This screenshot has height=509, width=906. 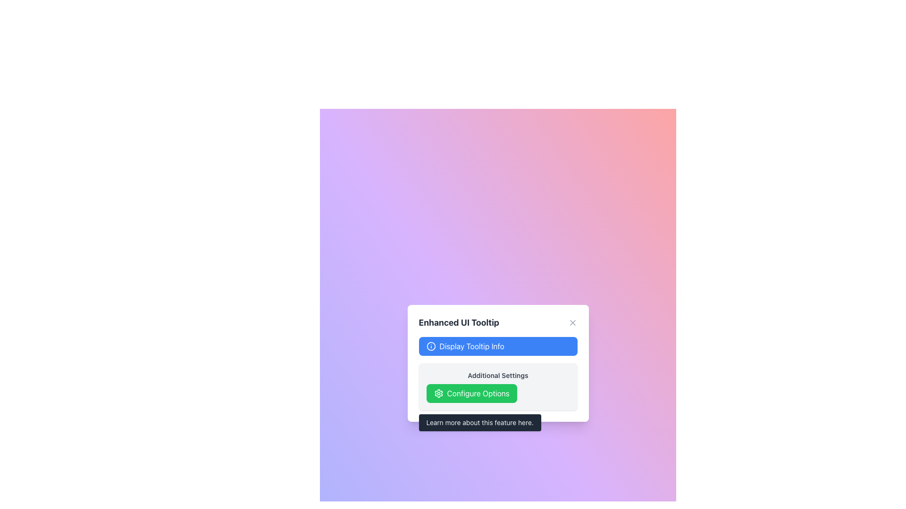 I want to click on the close button located in the top-right corner beside the heading text 'Enhanced UI Tooltip', so click(x=572, y=322).